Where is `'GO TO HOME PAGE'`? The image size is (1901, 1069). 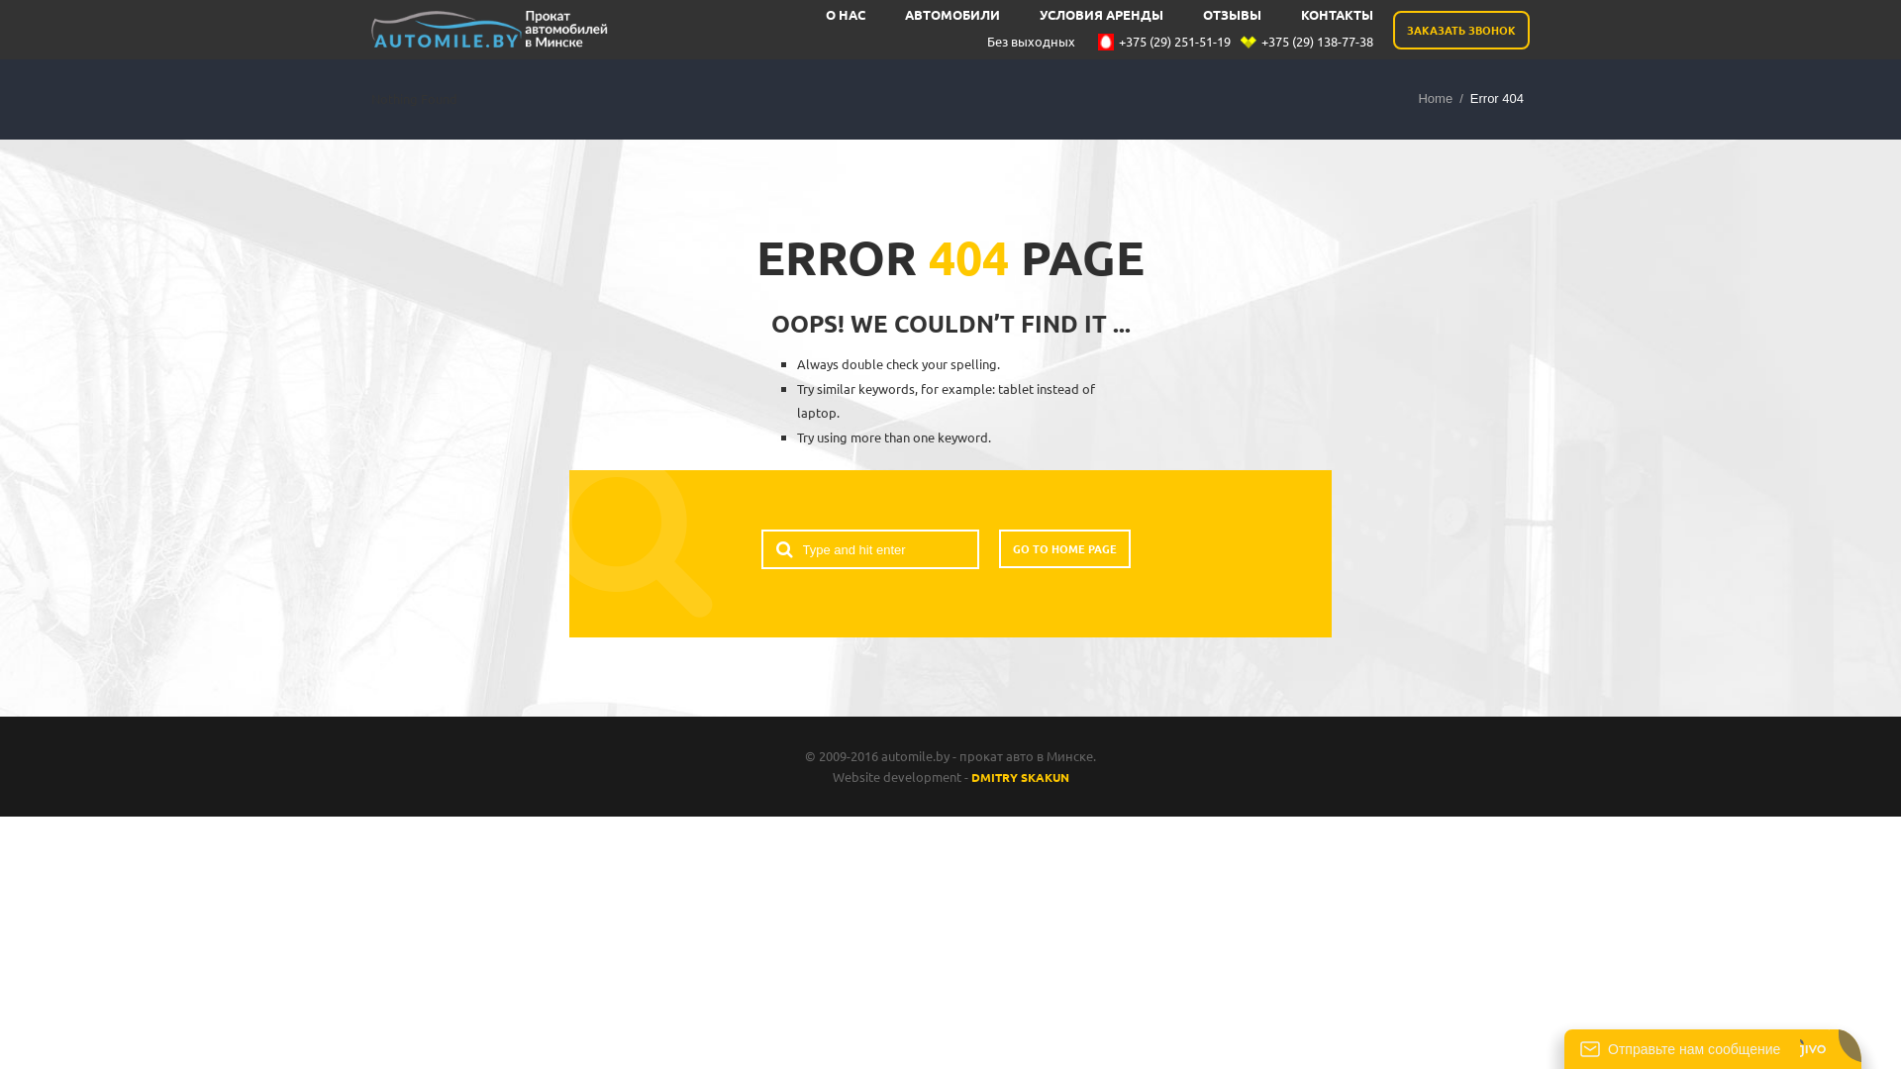 'GO TO HOME PAGE' is located at coordinates (998, 548).